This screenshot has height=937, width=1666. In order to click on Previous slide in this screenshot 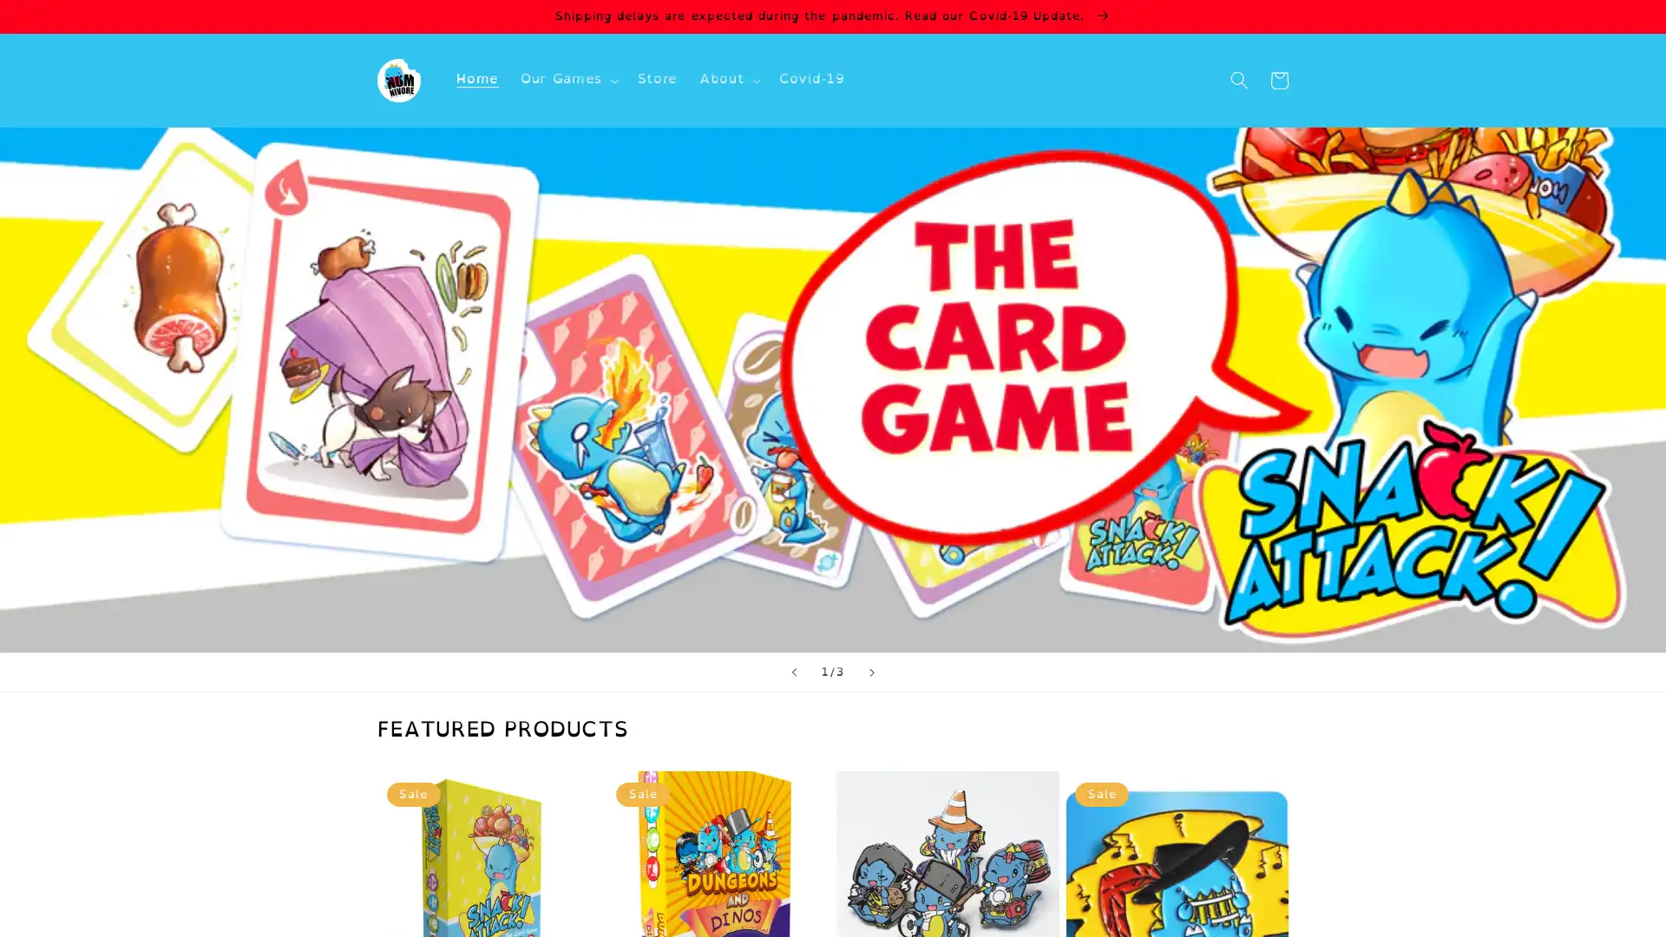, I will do `click(791, 672)`.